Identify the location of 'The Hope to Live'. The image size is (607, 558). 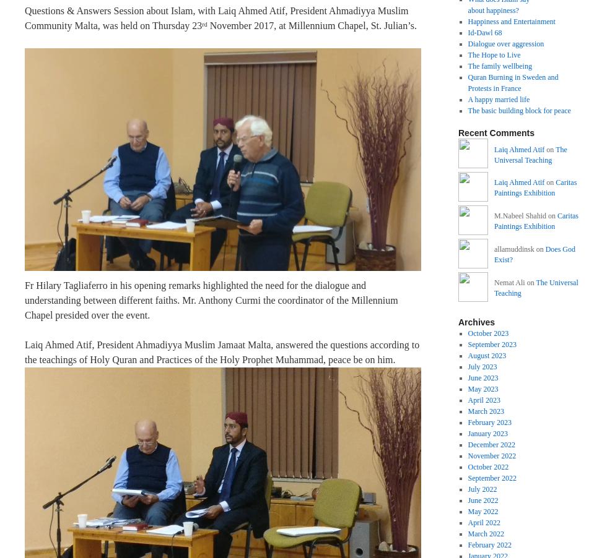
(494, 55).